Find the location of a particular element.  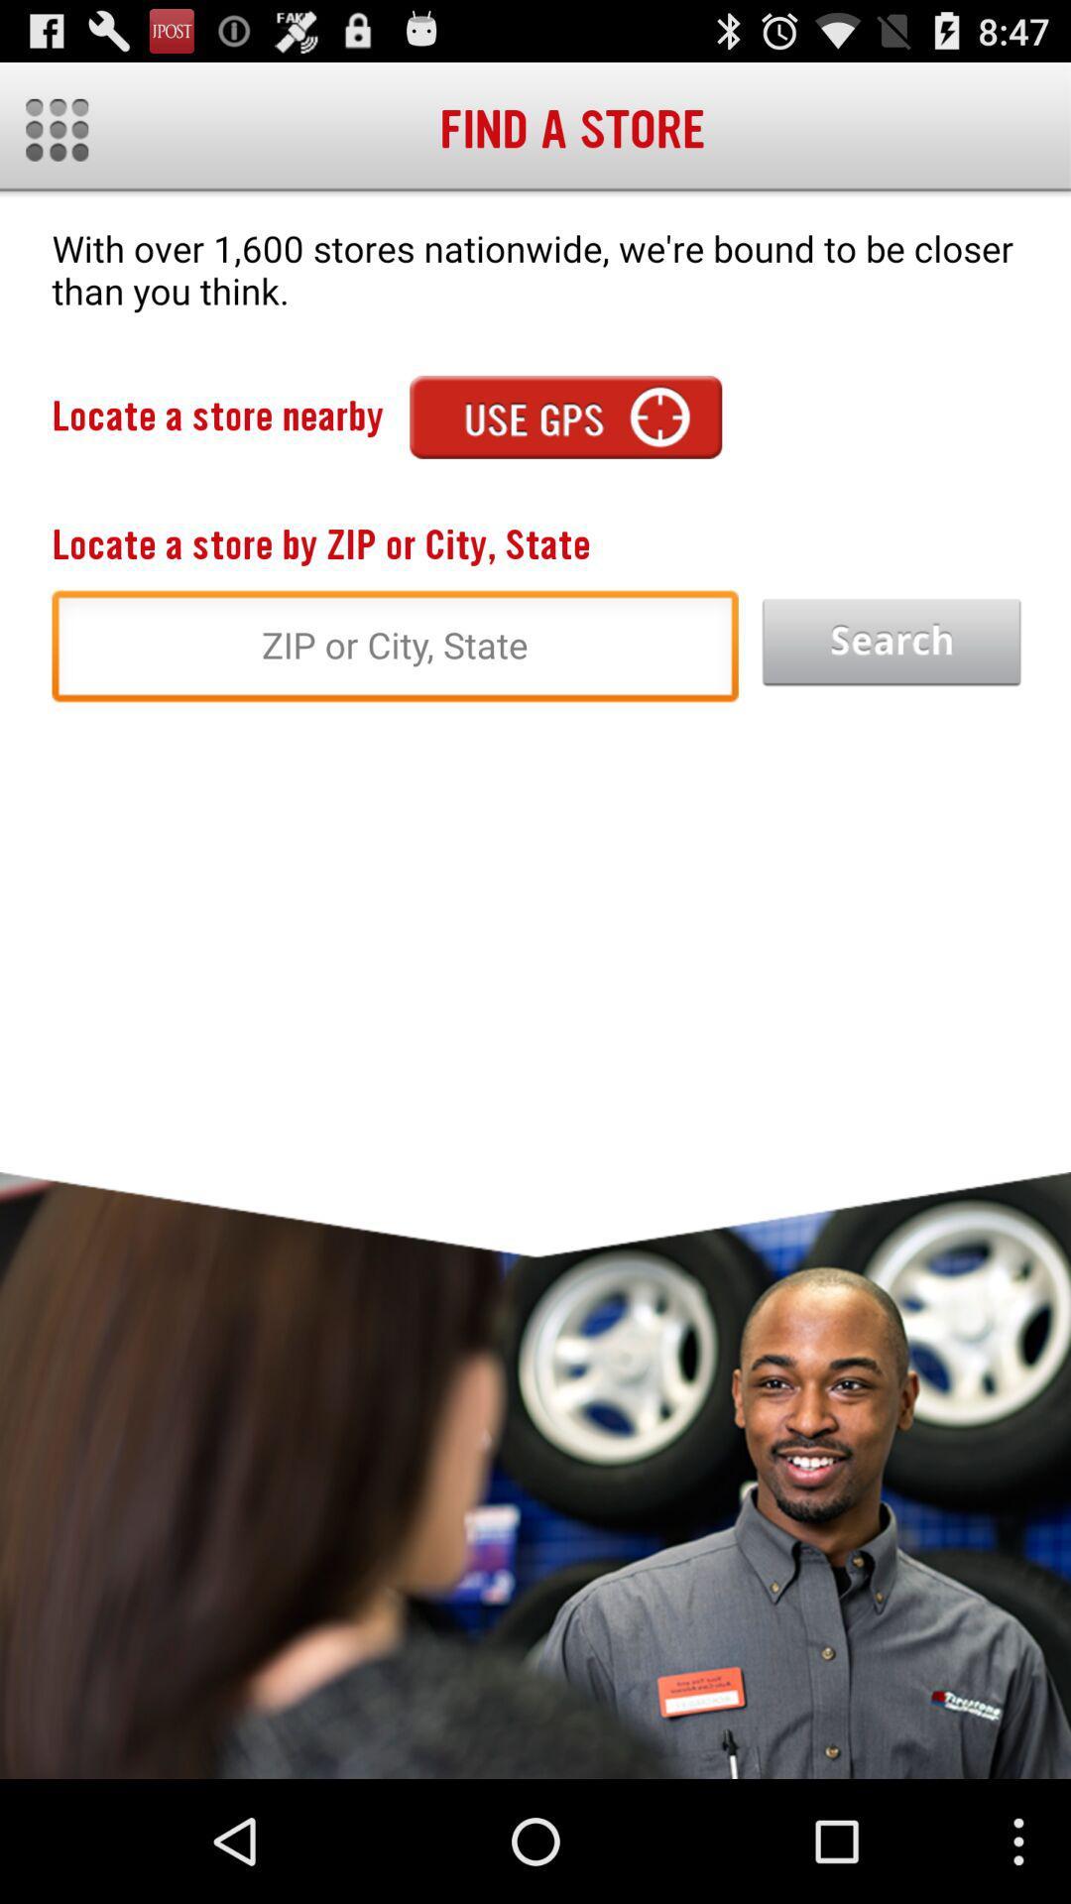

more button is located at coordinates (56, 129).